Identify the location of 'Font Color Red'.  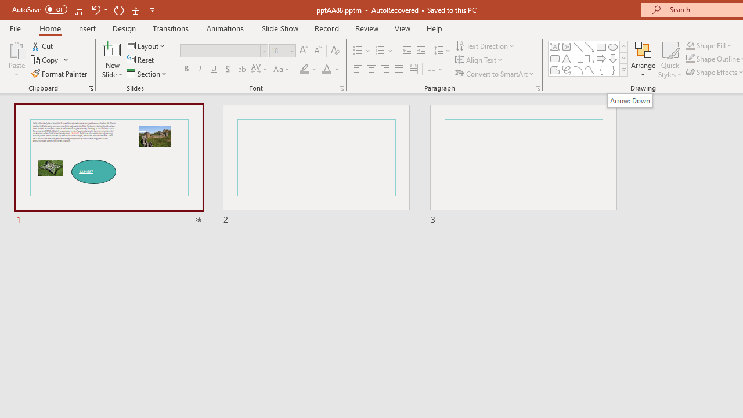
(326, 69).